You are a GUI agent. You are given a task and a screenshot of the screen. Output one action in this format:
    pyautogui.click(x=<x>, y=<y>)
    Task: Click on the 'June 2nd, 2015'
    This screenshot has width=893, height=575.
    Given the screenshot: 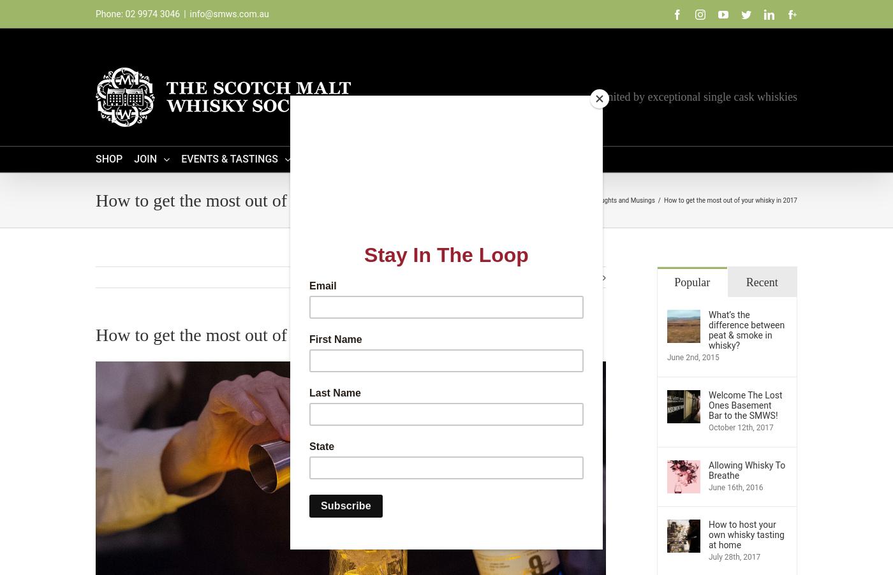 What is the action you would take?
    pyautogui.click(x=693, y=356)
    